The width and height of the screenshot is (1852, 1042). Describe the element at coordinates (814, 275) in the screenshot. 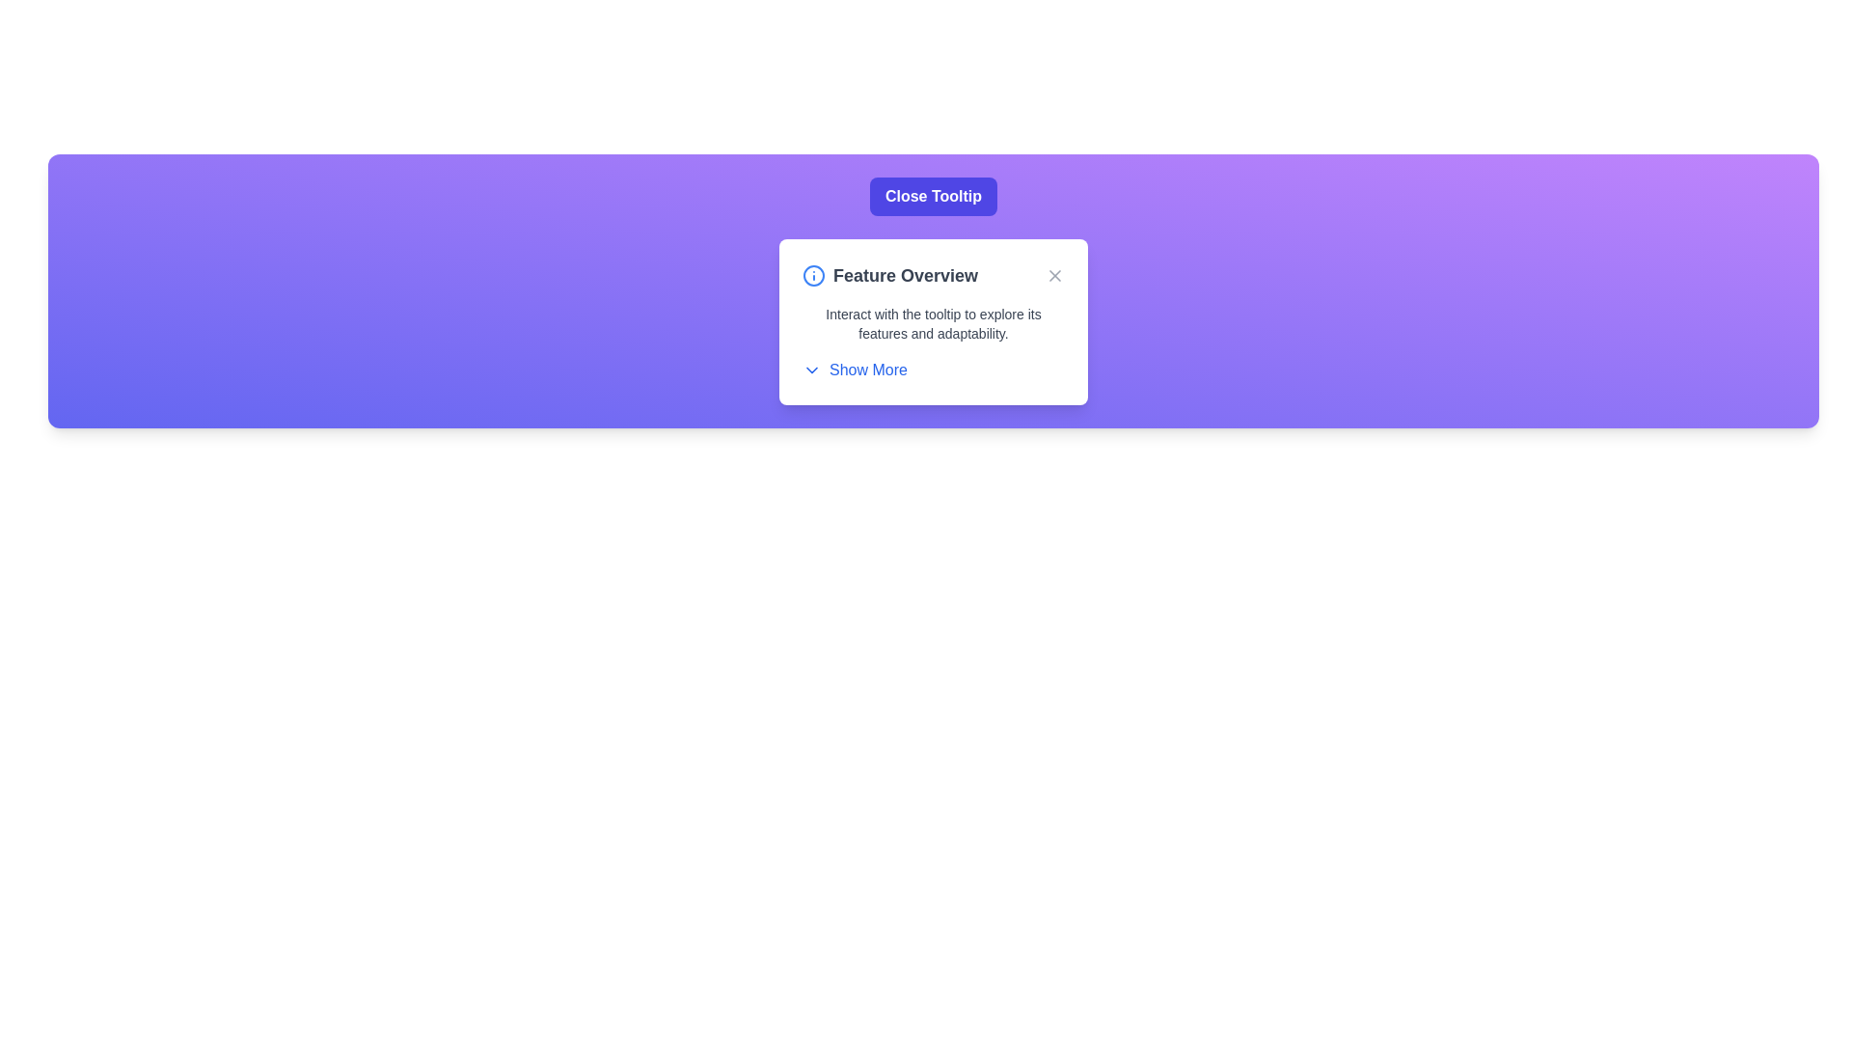

I see `the informational icon located to the left of the 'Feature Overview' header within the card-like section` at that location.